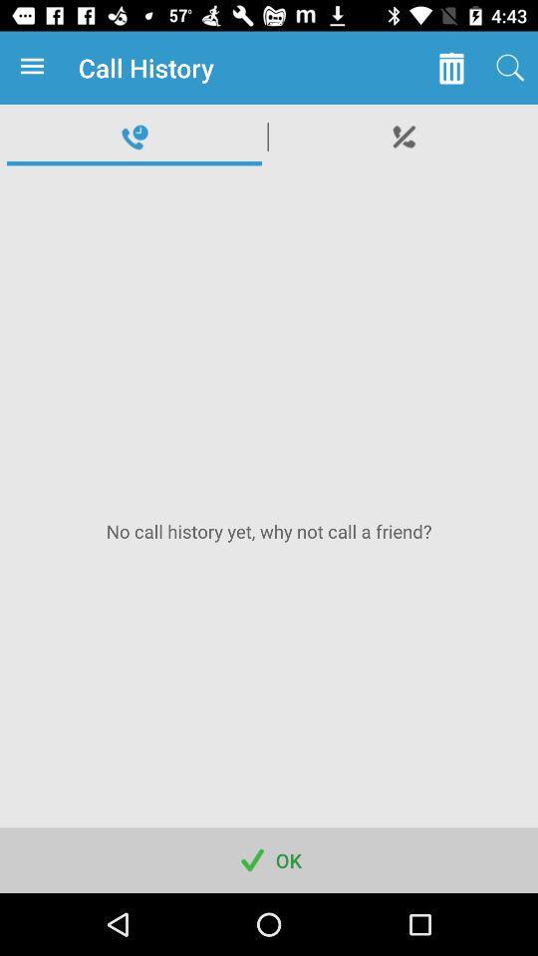 The width and height of the screenshot is (538, 956). I want to click on the ok icon, so click(269, 859).